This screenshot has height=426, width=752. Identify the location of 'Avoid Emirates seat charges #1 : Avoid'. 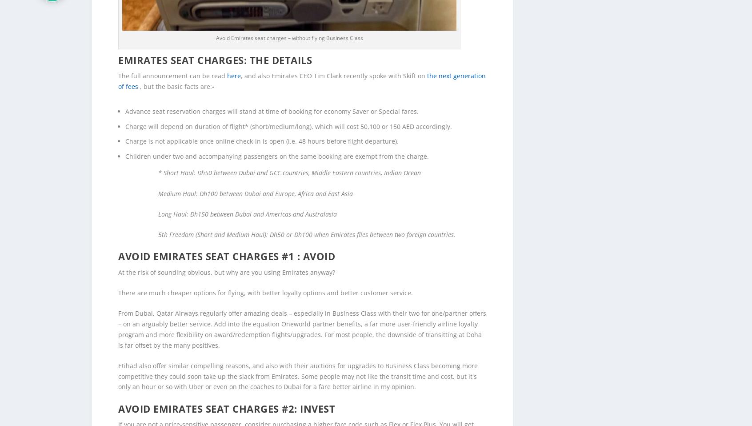
(118, 241).